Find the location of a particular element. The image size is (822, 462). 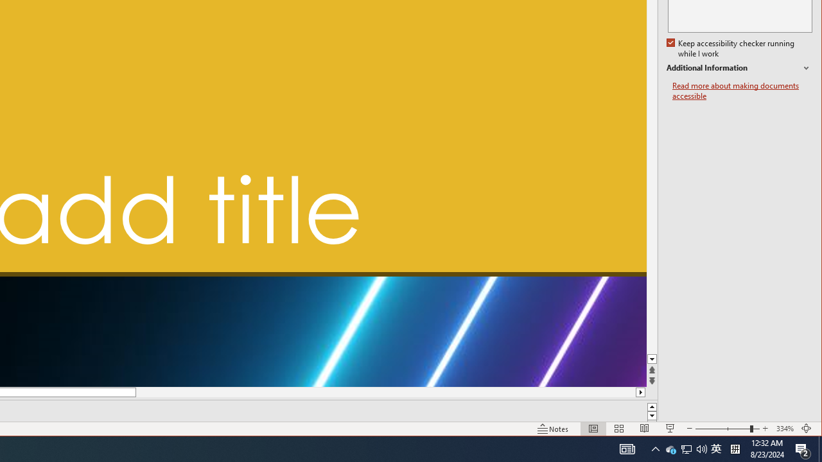

'Zoom 334%' is located at coordinates (784, 429).